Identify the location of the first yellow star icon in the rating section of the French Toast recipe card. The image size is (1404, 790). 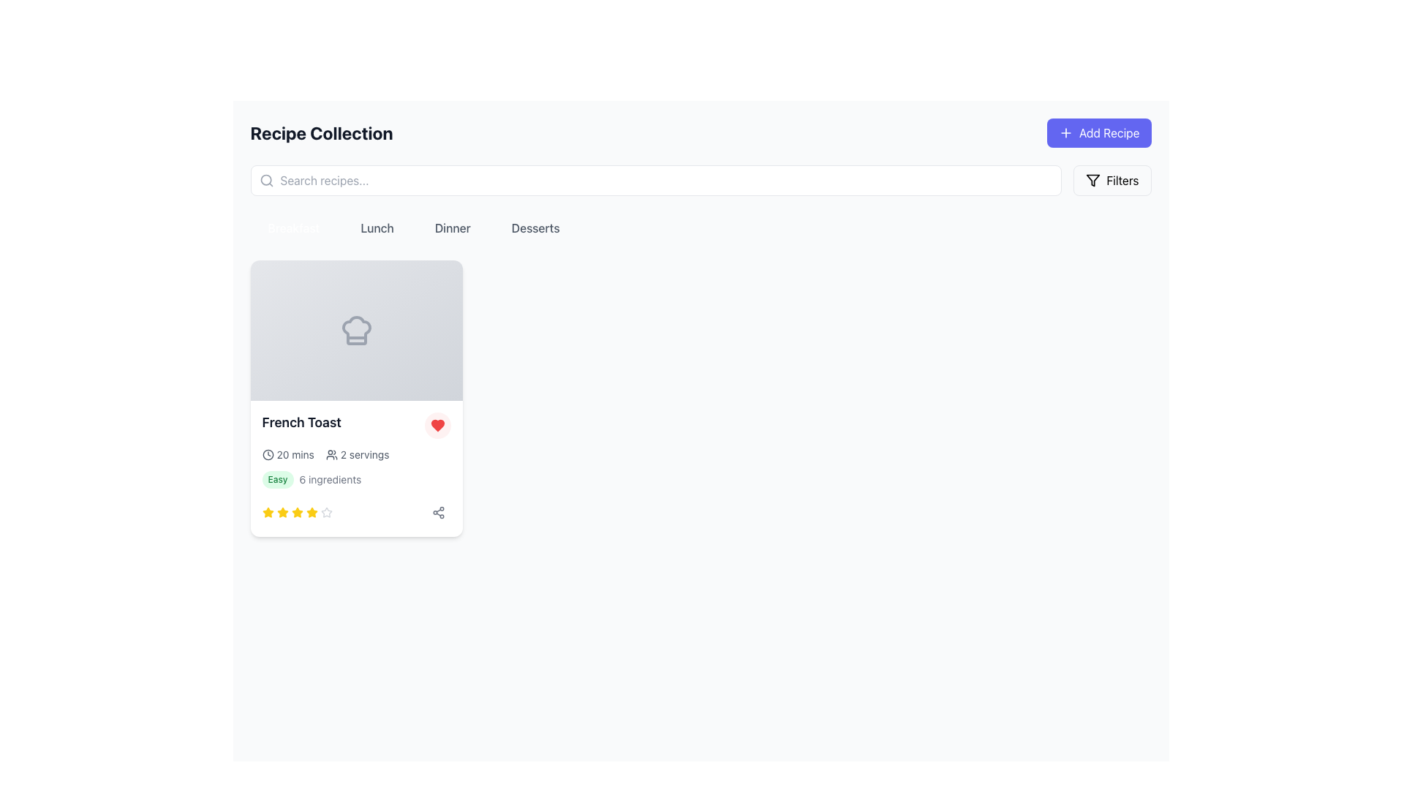
(268, 512).